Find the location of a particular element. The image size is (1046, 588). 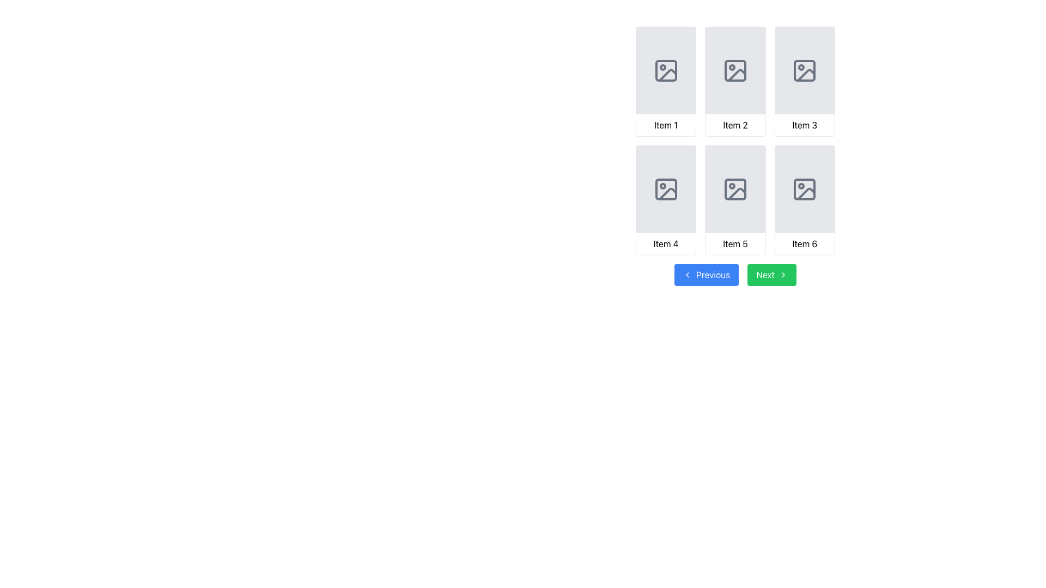

to select the card featuring a light-gray background and an image frame icon at the top, labeled 'Item 6', located in the bottom-right corner of the grid is located at coordinates (805, 200).